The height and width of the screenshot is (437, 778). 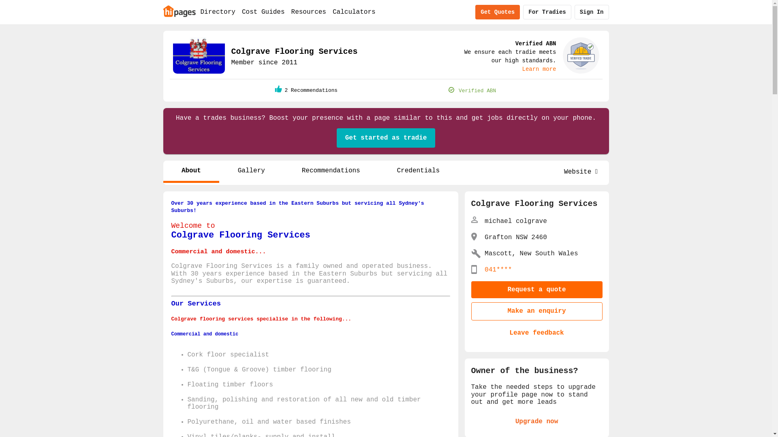 What do you see at coordinates (536, 421) in the screenshot?
I see `'Upgrade now'` at bounding box center [536, 421].